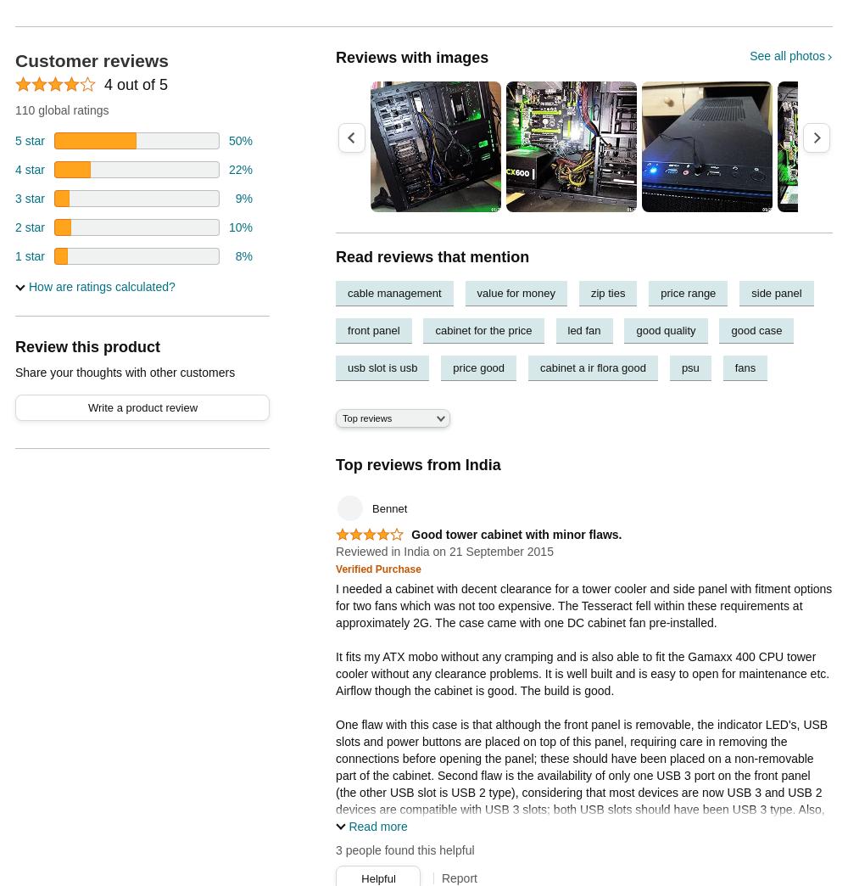 The height and width of the screenshot is (886, 848). What do you see at coordinates (583, 672) in the screenshot?
I see `'It fits my ATX mobo without any cramping and is also able to fit the Gamaxx 400 CPU tower cooler without any clearance problems. It is well built and is easy to open for maintenance etc. Airflow though the cabinet is good. The build is good.'` at bounding box center [583, 672].